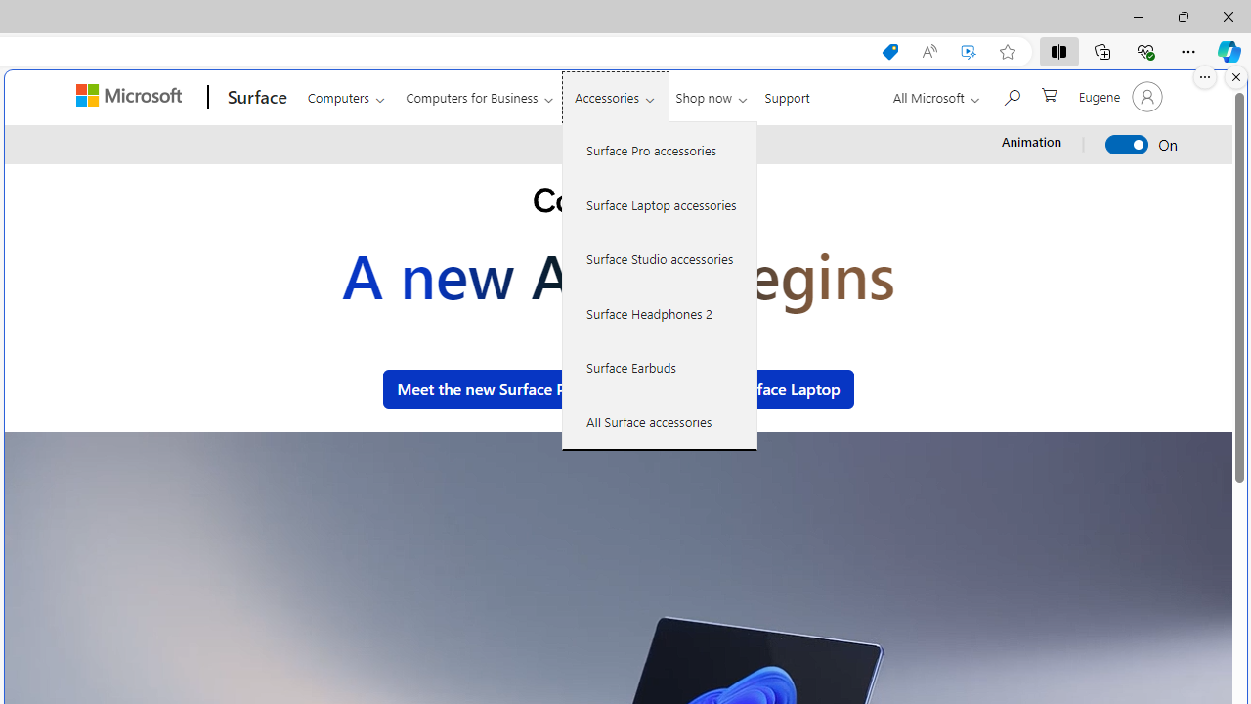 The width and height of the screenshot is (1251, 704). Describe the element at coordinates (735, 388) in the screenshot. I see `'Meet the new Surface Laptop'` at that location.